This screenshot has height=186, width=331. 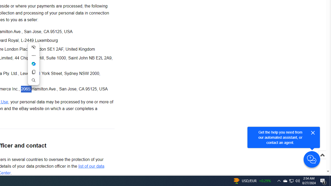 I want to click on 'More actions', so click(x=33, y=55).